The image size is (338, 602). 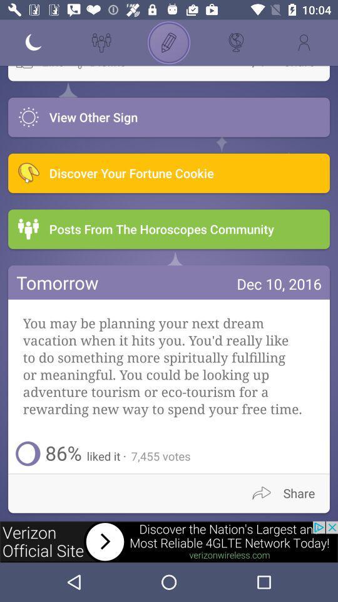 I want to click on the text share along with the icon present left to it, so click(x=289, y=493).